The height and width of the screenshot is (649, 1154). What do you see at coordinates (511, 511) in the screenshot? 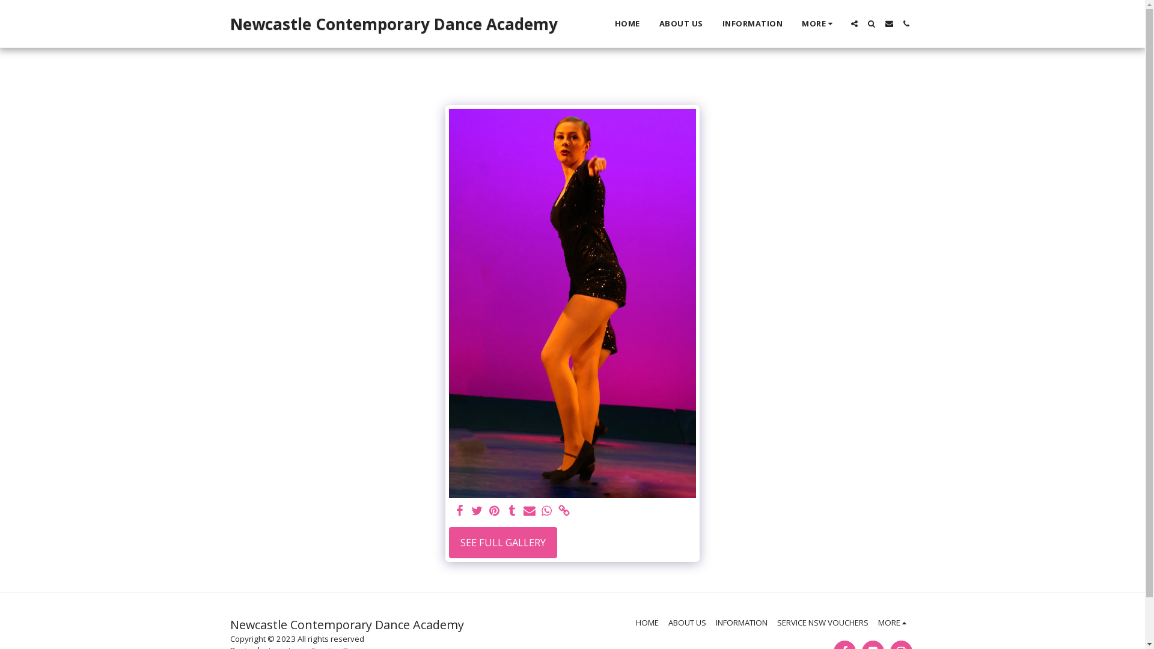
I see `'tumblr'` at bounding box center [511, 511].